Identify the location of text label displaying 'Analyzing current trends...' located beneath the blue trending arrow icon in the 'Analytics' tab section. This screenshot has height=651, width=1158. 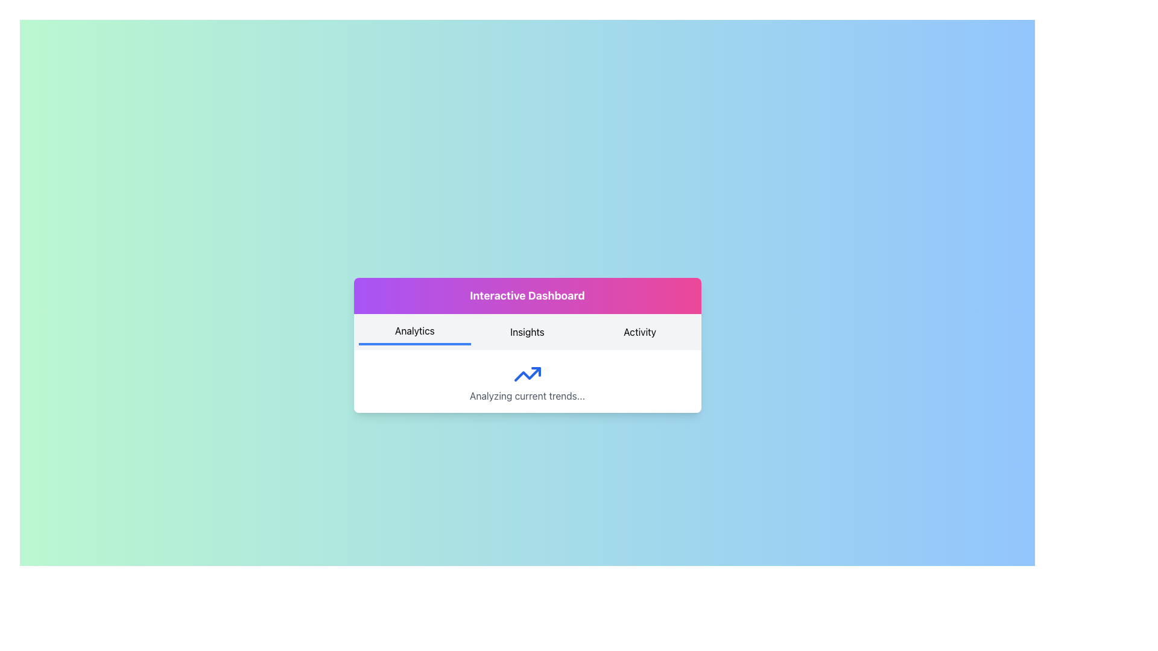
(527, 395).